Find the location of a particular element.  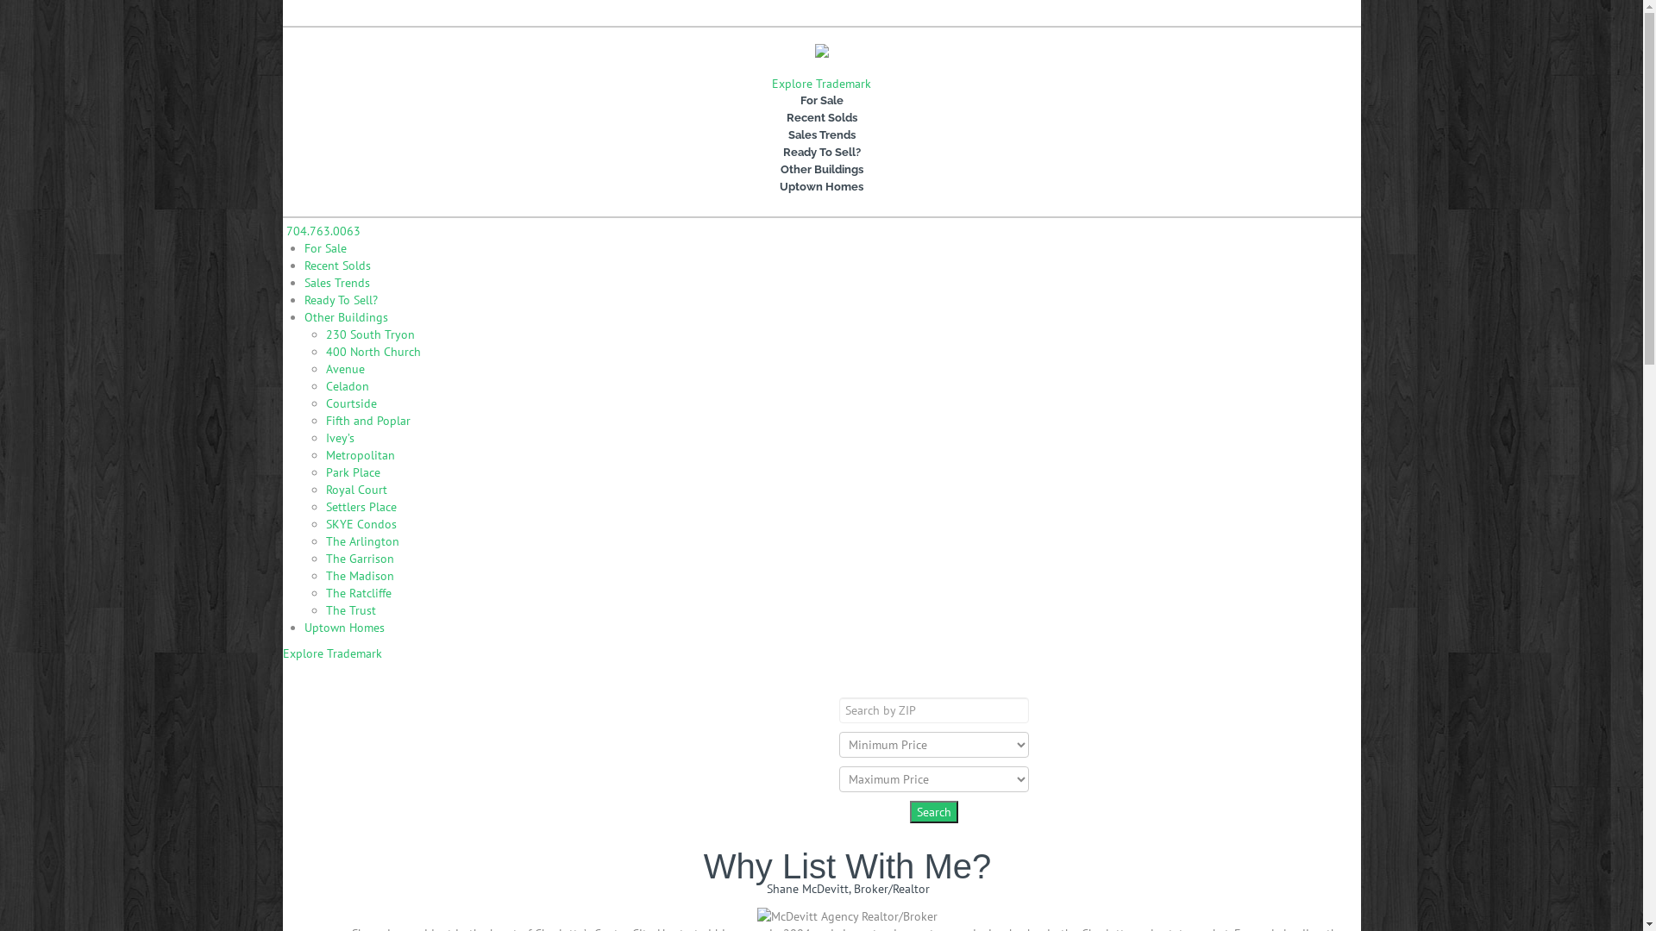

'Park Place' is located at coordinates (352, 472).